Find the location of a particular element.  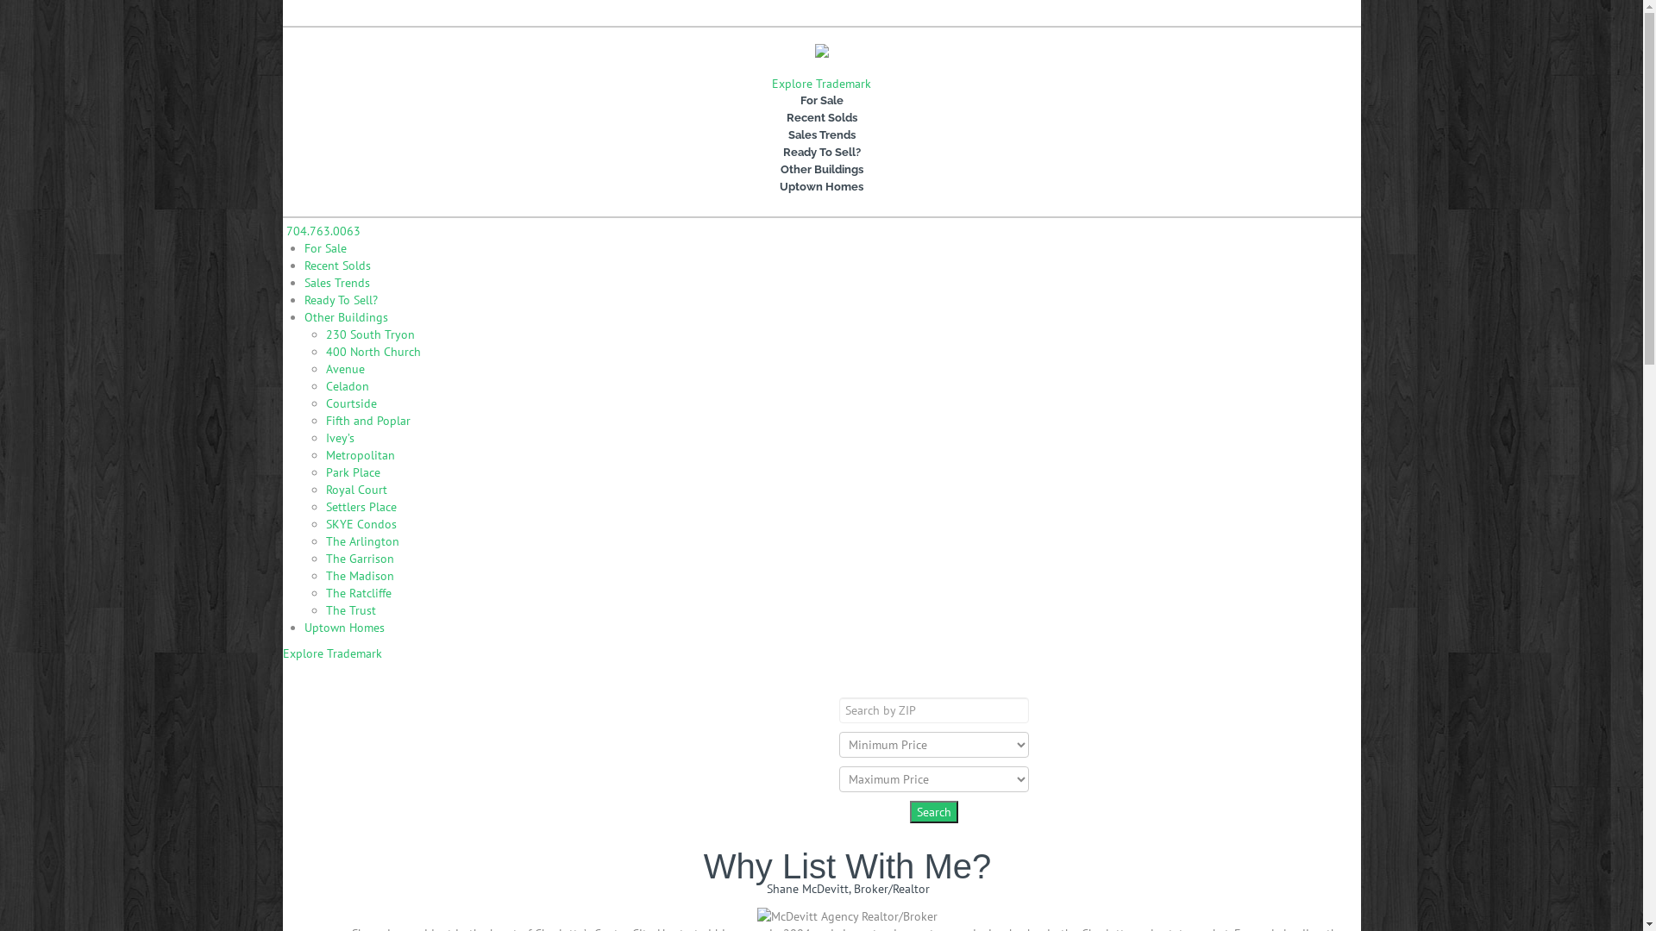

'Park Place' is located at coordinates (352, 472).